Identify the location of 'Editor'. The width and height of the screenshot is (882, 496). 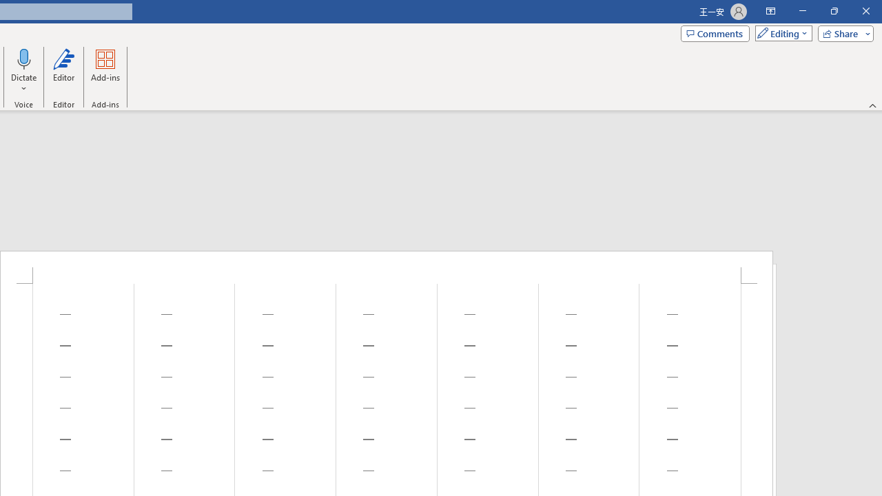
(63, 71).